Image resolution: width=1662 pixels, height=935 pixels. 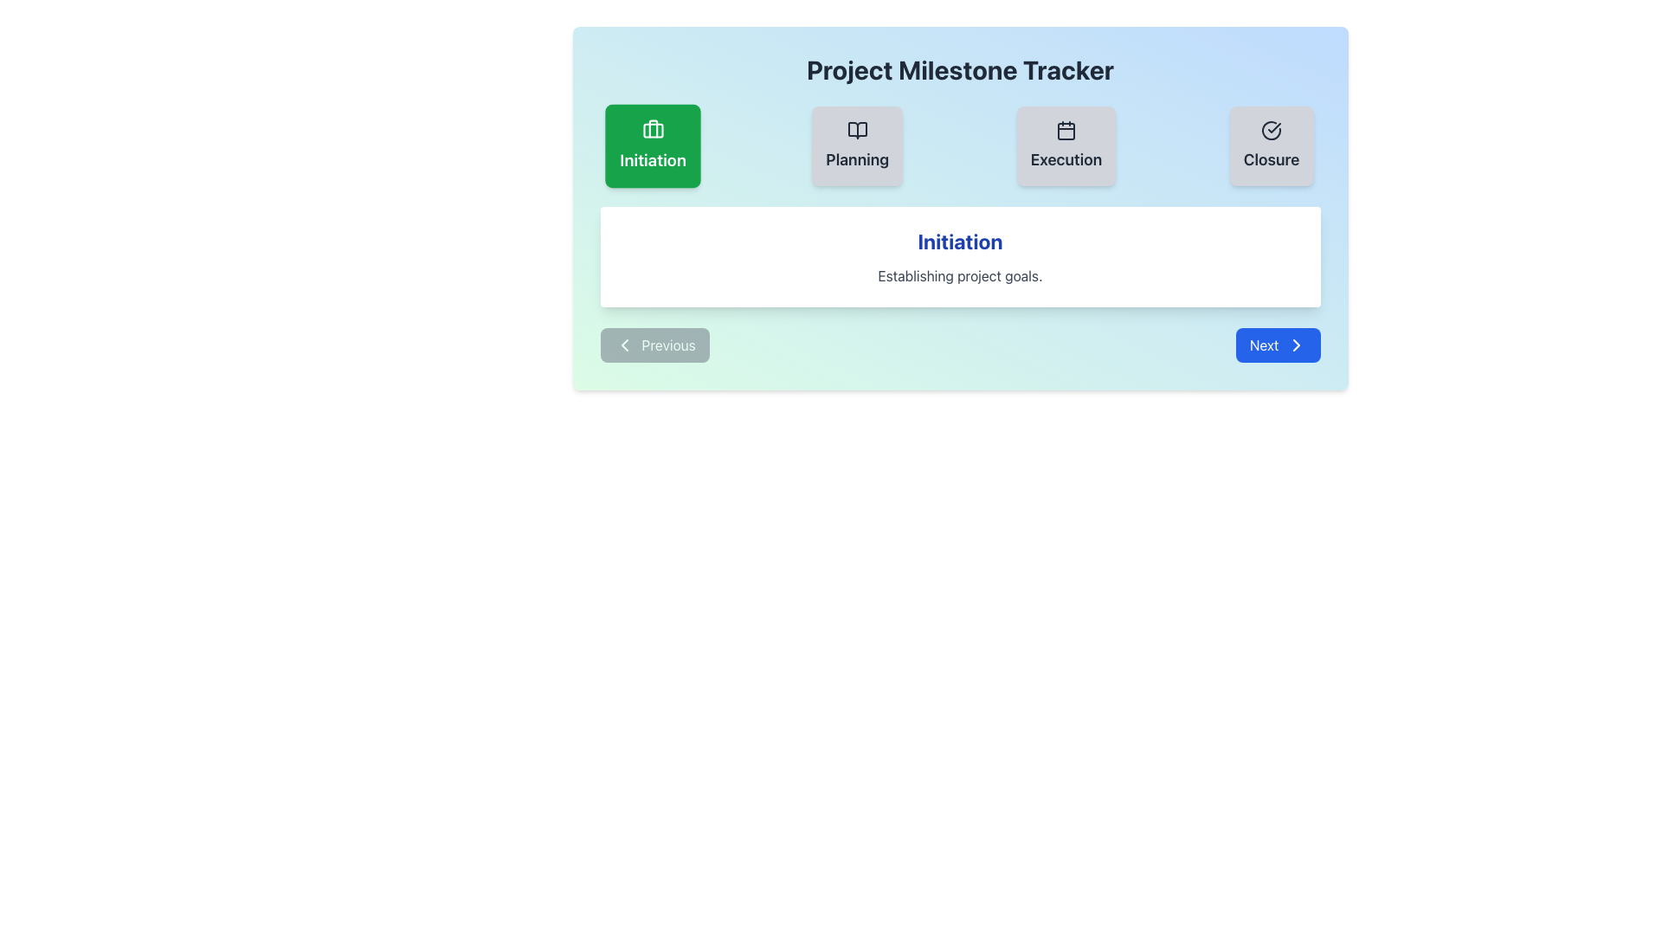 What do you see at coordinates (651, 145) in the screenshot?
I see `the 'Initiation' milestone indicator card` at bounding box center [651, 145].